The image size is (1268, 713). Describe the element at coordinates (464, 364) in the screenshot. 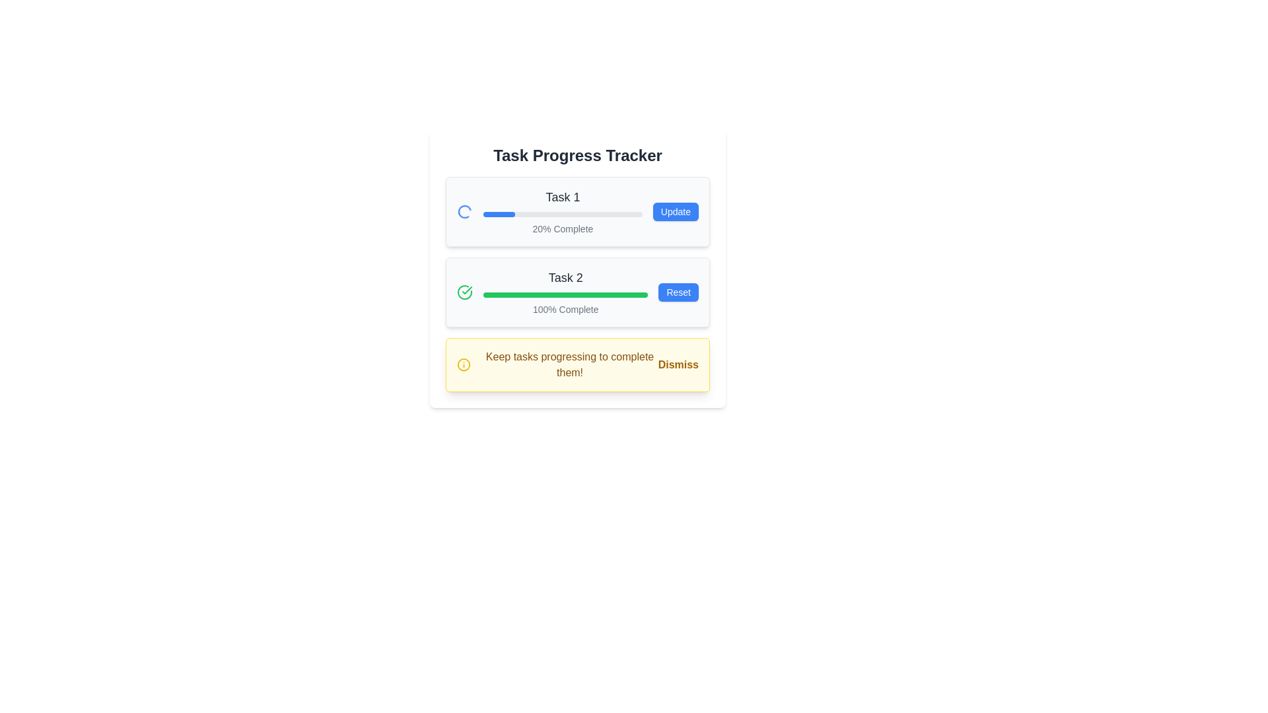

I see `the Icon (circle with additional decorations) located in the notification section of the 'Task Progress Tracker' interface, next to the 'Dismiss' button` at that location.